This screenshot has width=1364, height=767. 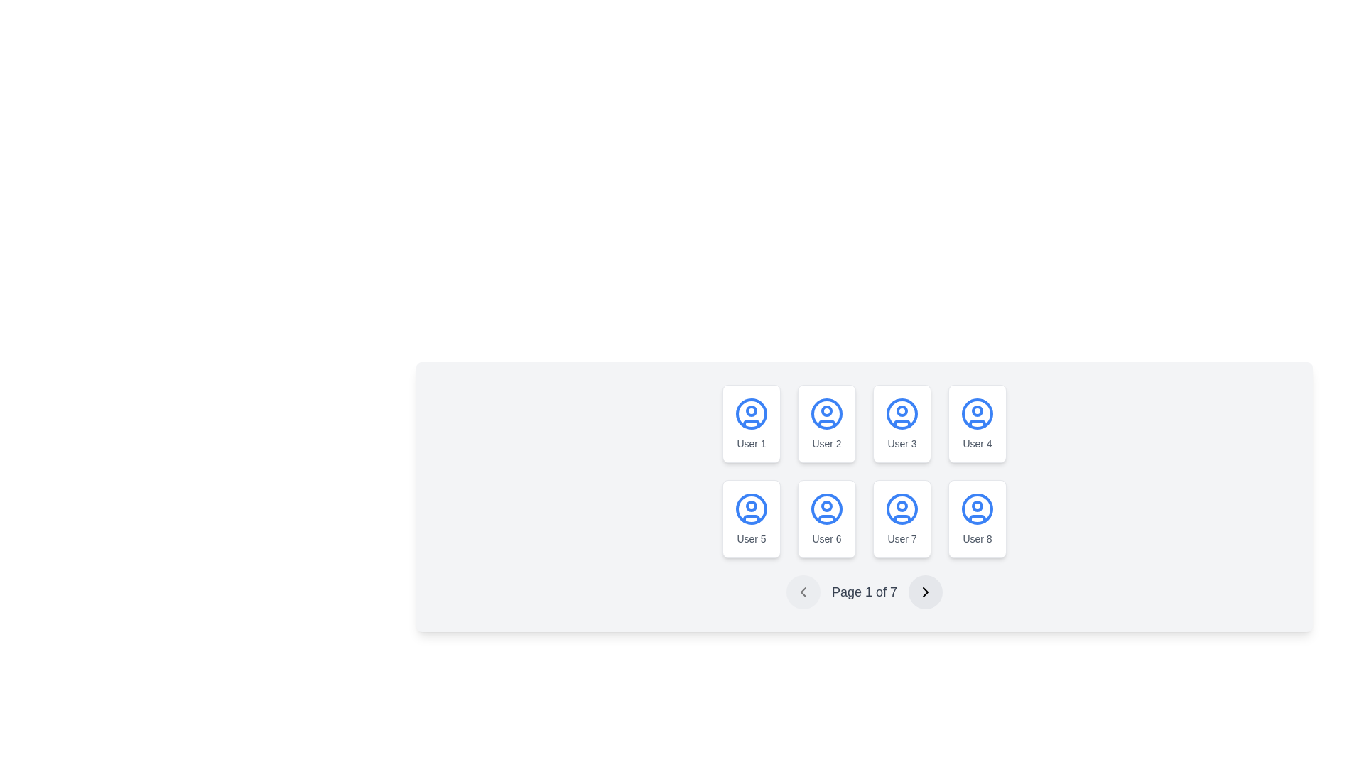 What do you see at coordinates (826, 410) in the screenshot?
I see `the SVG Circle in the second user profile card located in the top row, second position from the left` at bounding box center [826, 410].